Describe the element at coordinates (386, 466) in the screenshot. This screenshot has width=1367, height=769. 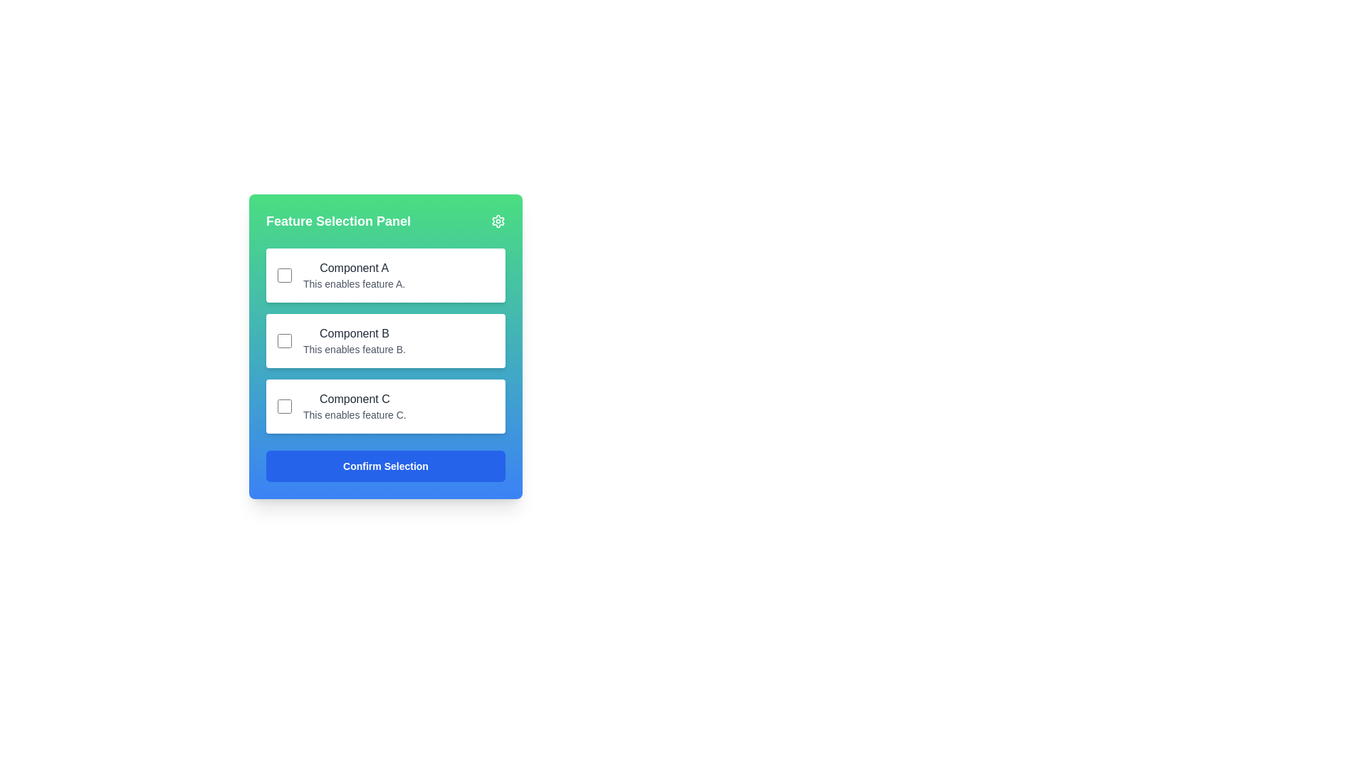
I see `the 'Confirm Selection' button` at that location.